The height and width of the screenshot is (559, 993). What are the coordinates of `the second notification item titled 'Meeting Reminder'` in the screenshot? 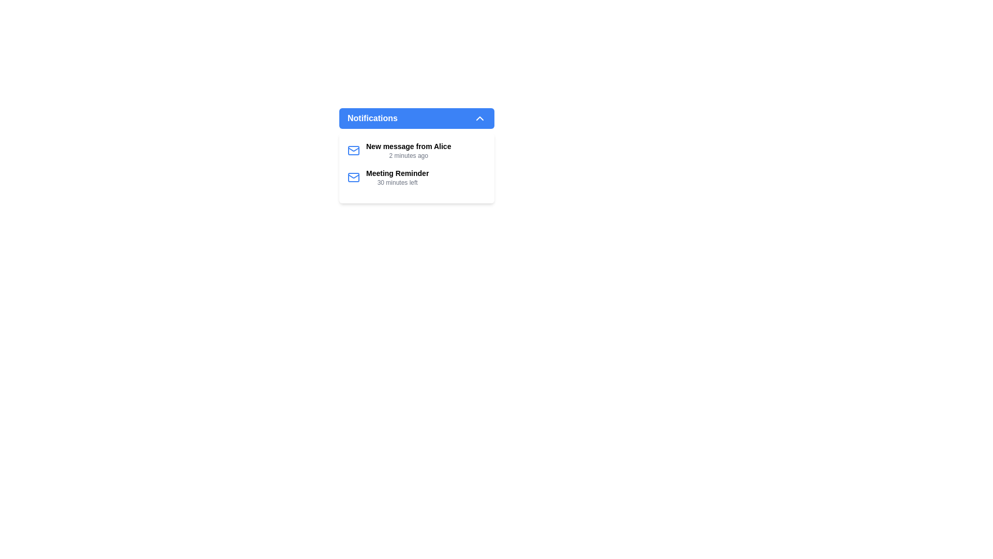 It's located at (417, 177).